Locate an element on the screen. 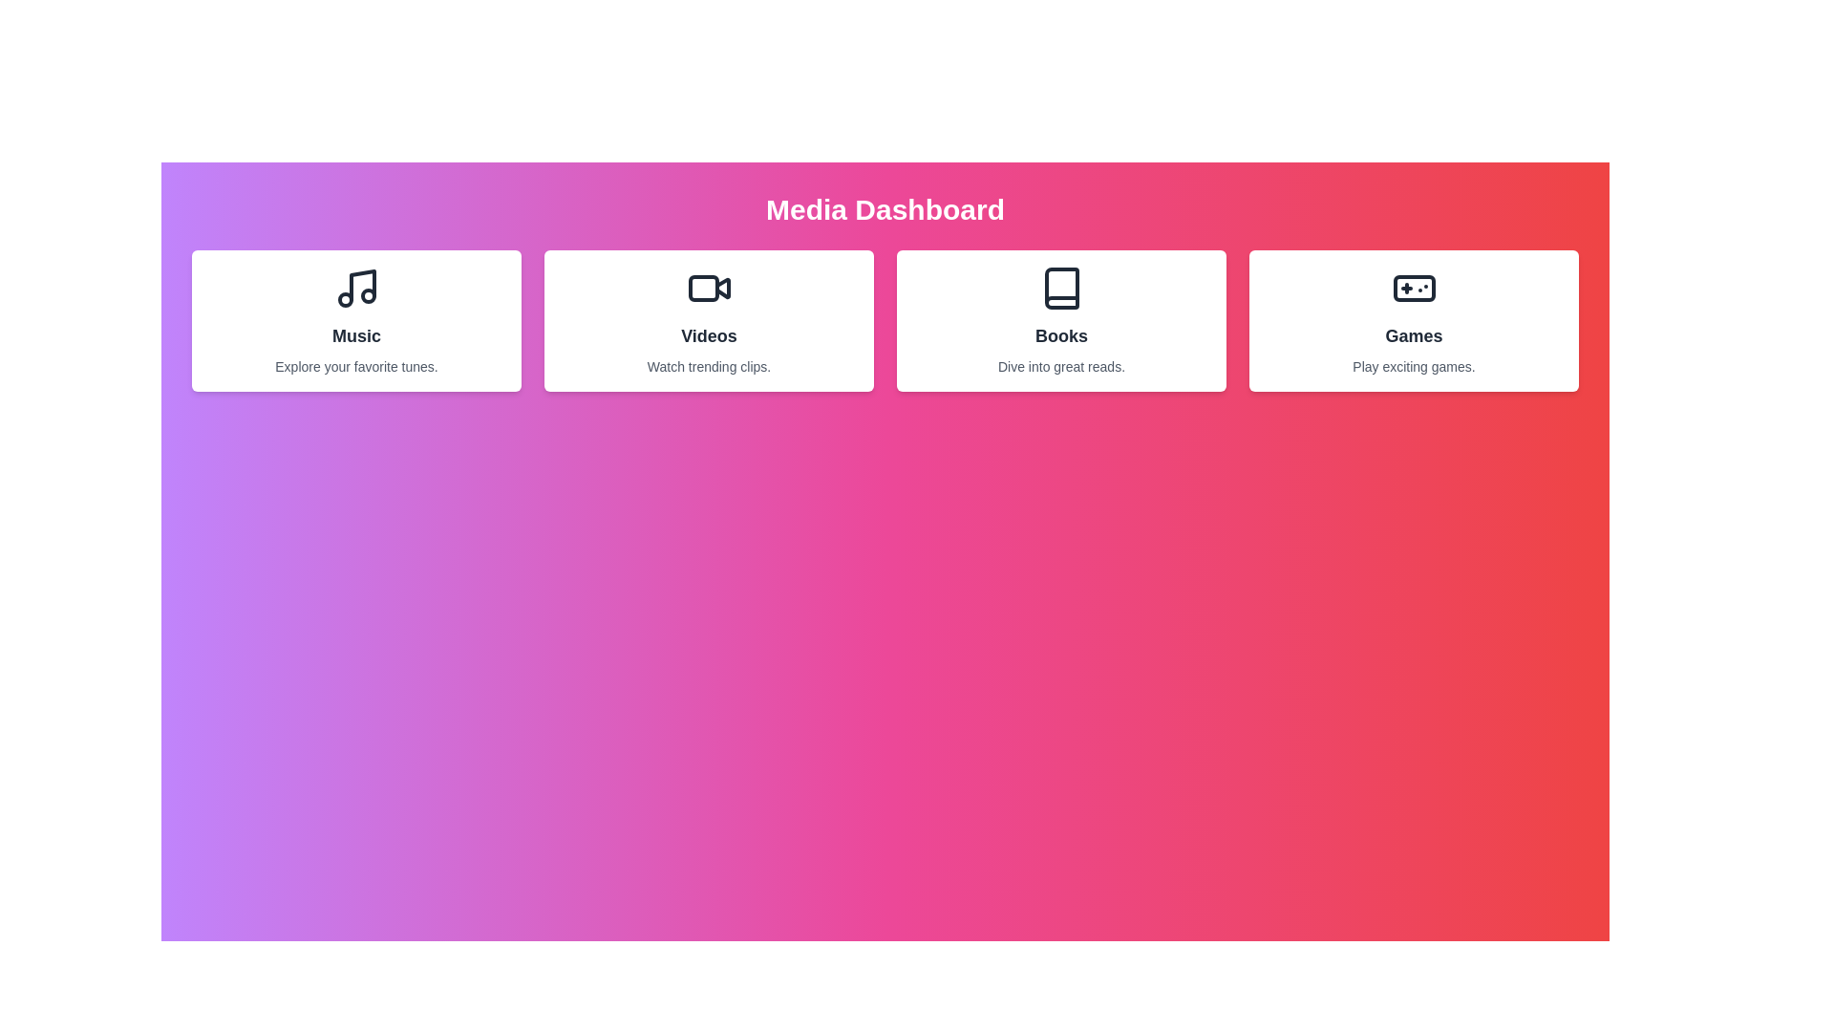  'Music' text label that specifies the category for the first card in the grid, which is located below an icon and above a descriptive line of text is located at coordinates (356, 334).